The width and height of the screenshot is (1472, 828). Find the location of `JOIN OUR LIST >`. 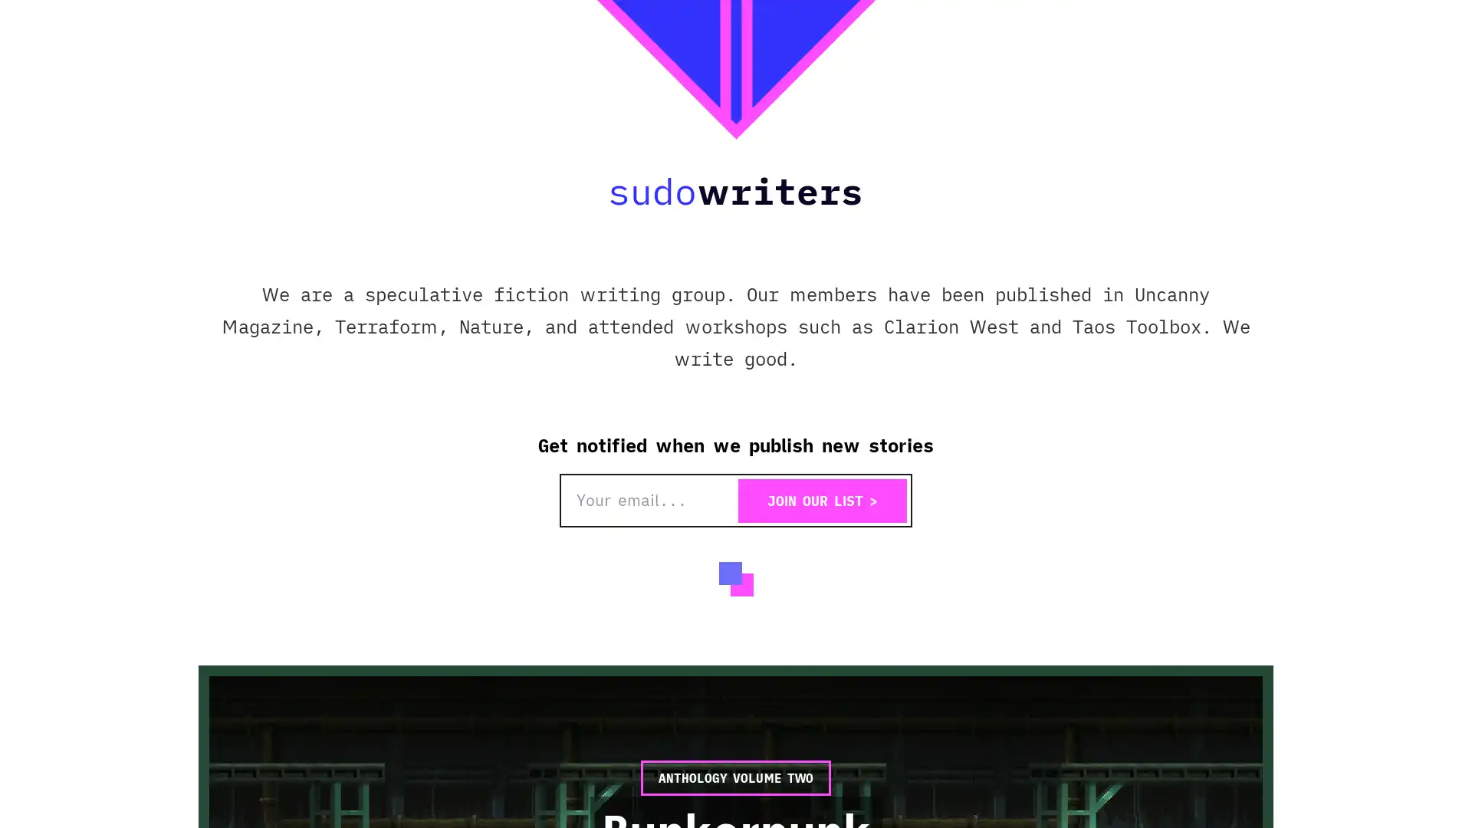

JOIN OUR LIST > is located at coordinates (822, 501).